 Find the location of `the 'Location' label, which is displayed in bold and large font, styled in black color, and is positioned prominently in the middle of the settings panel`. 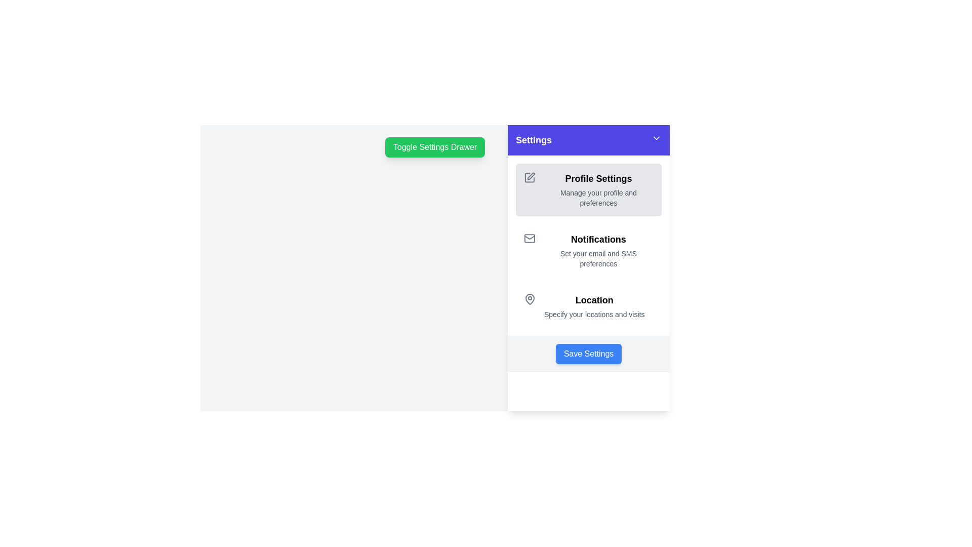

the 'Location' label, which is displayed in bold and large font, styled in black color, and is positioned prominently in the middle of the settings panel is located at coordinates (594, 300).